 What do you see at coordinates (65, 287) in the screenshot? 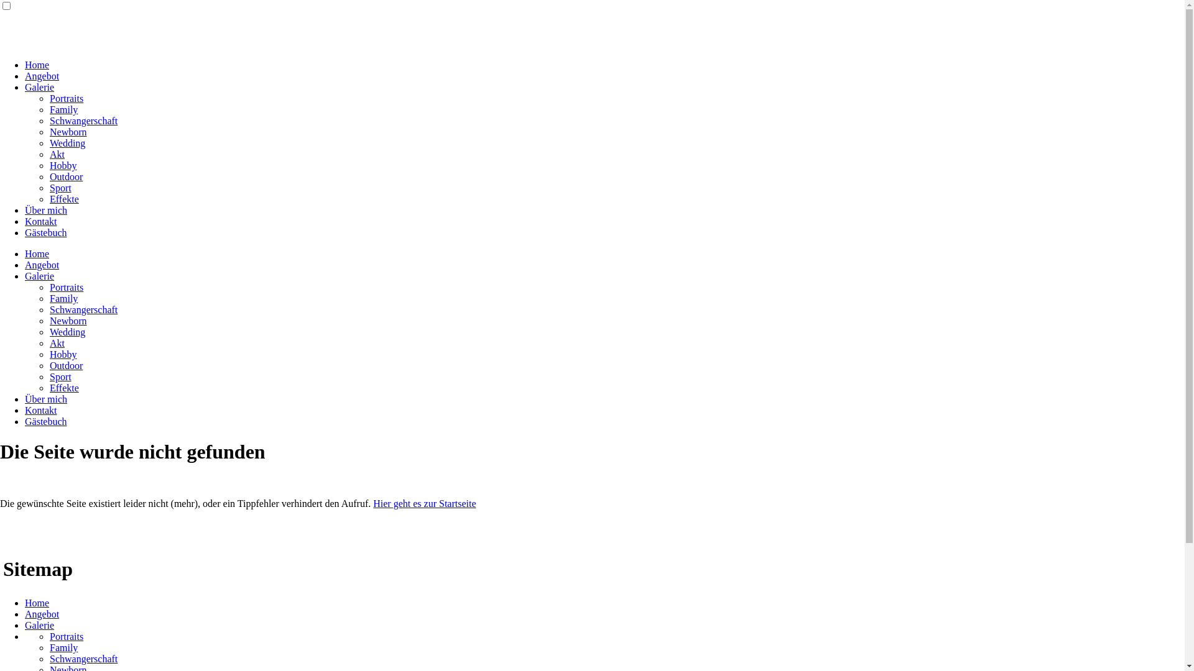
I see `'Portraits'` at bounding box center [65, 287].